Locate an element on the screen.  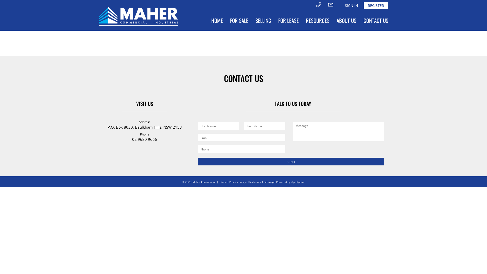
'FOR LEASE' is located at coordinates (274, 20).